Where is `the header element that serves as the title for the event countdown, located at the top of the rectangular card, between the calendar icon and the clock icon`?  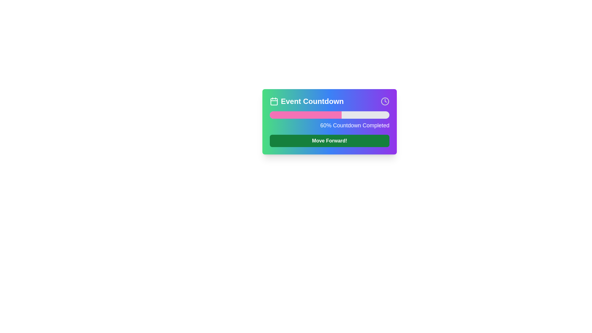 the header element that serves as the title for the event countdown, located at the top of the rectangular card, between the calendar icon and the clock icon is located at coordinates (306, 101).